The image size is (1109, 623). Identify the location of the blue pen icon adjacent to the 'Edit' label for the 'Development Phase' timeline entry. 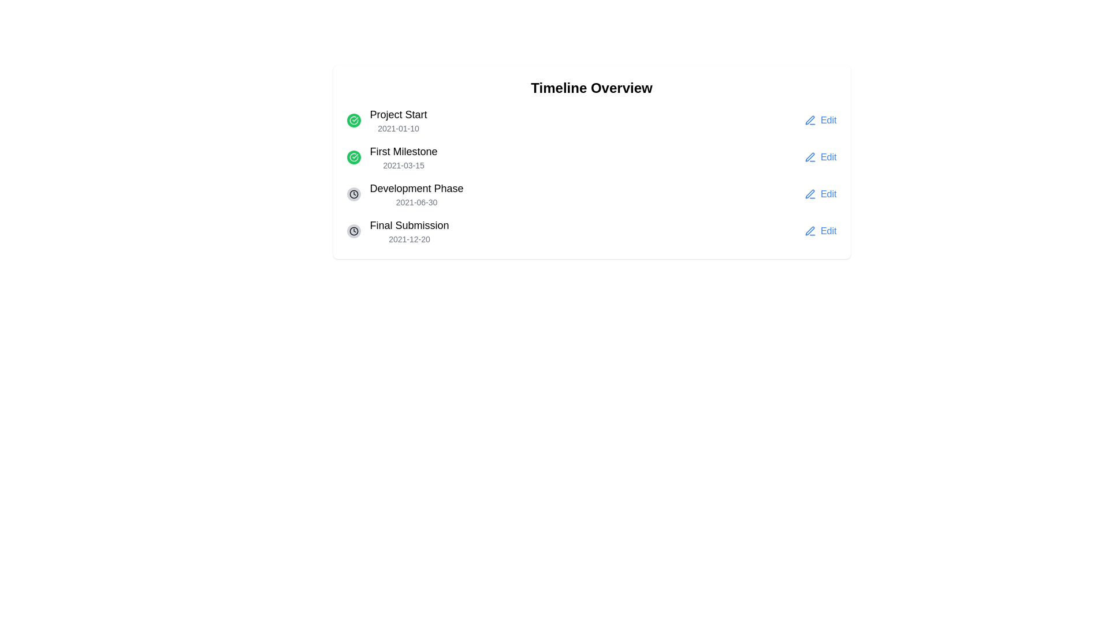
(809, 193).